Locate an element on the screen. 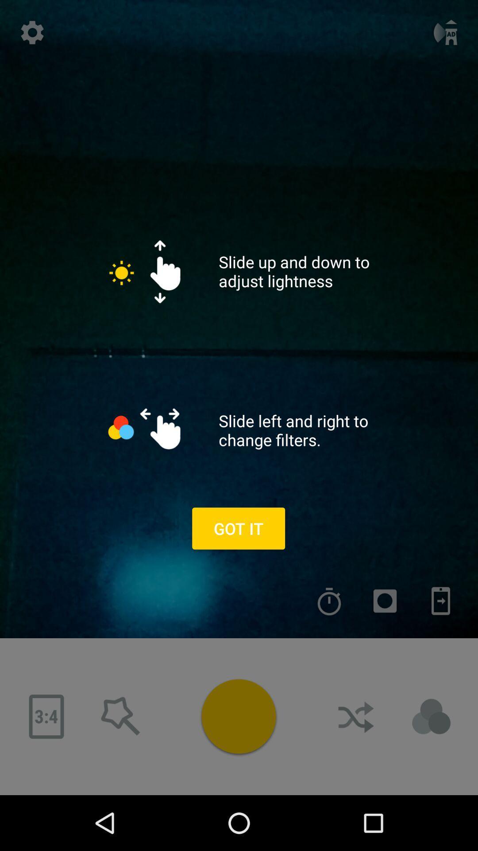  the photo icon is located at coordinates (385, 601).